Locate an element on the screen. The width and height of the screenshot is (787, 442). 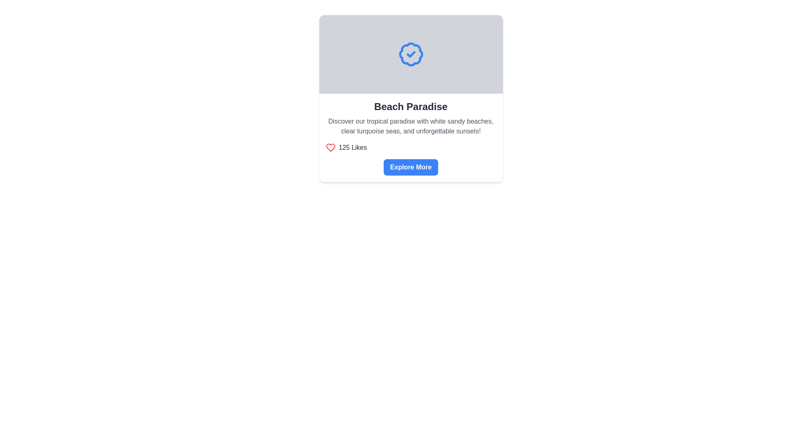
the text label displaying '125 Likes', which is positioned to the right of a small red heart icon, located below 'Beach Paradise' and above the 'Explore More' button is located at coordinates (353, 148).